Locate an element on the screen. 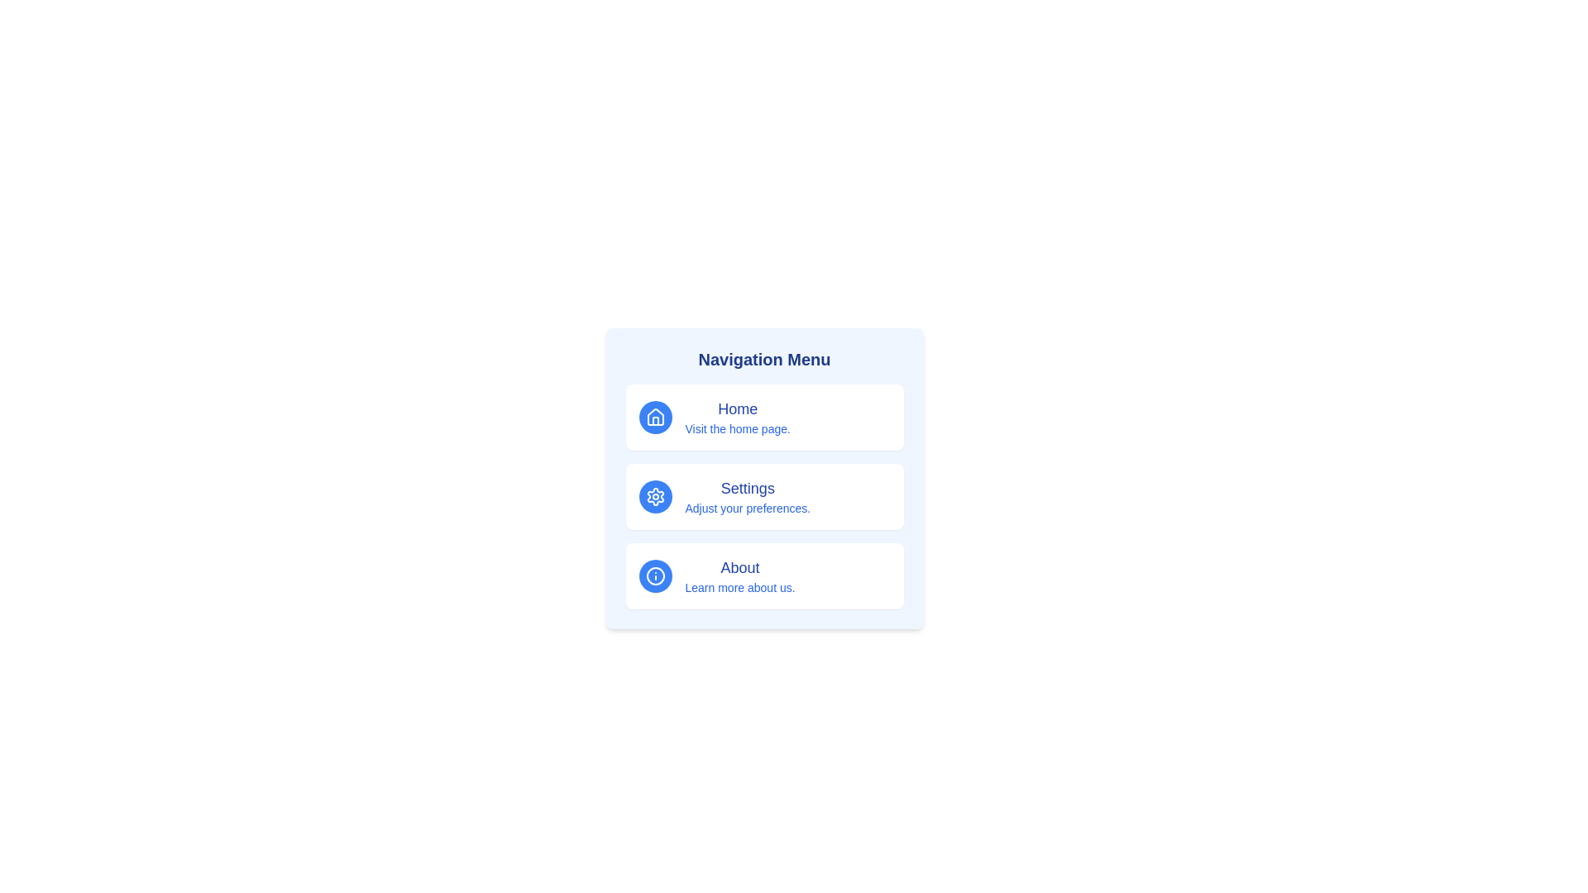 This screenshot has width=1588, height=893. the textual label element that provides descriptive text for a navigational option related to settings, positioned centrally in the vertical menu between 'Home' and 'About' is located at coordinates (747, 496).